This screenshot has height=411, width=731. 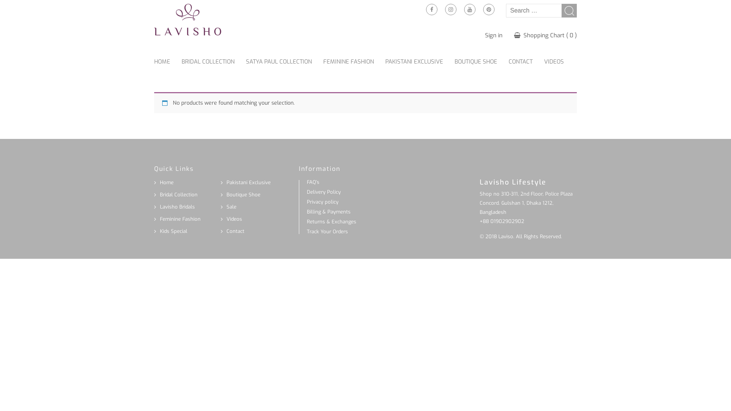 I want to click on 'Pakistani Exclusive', so click(x=248, y=182).